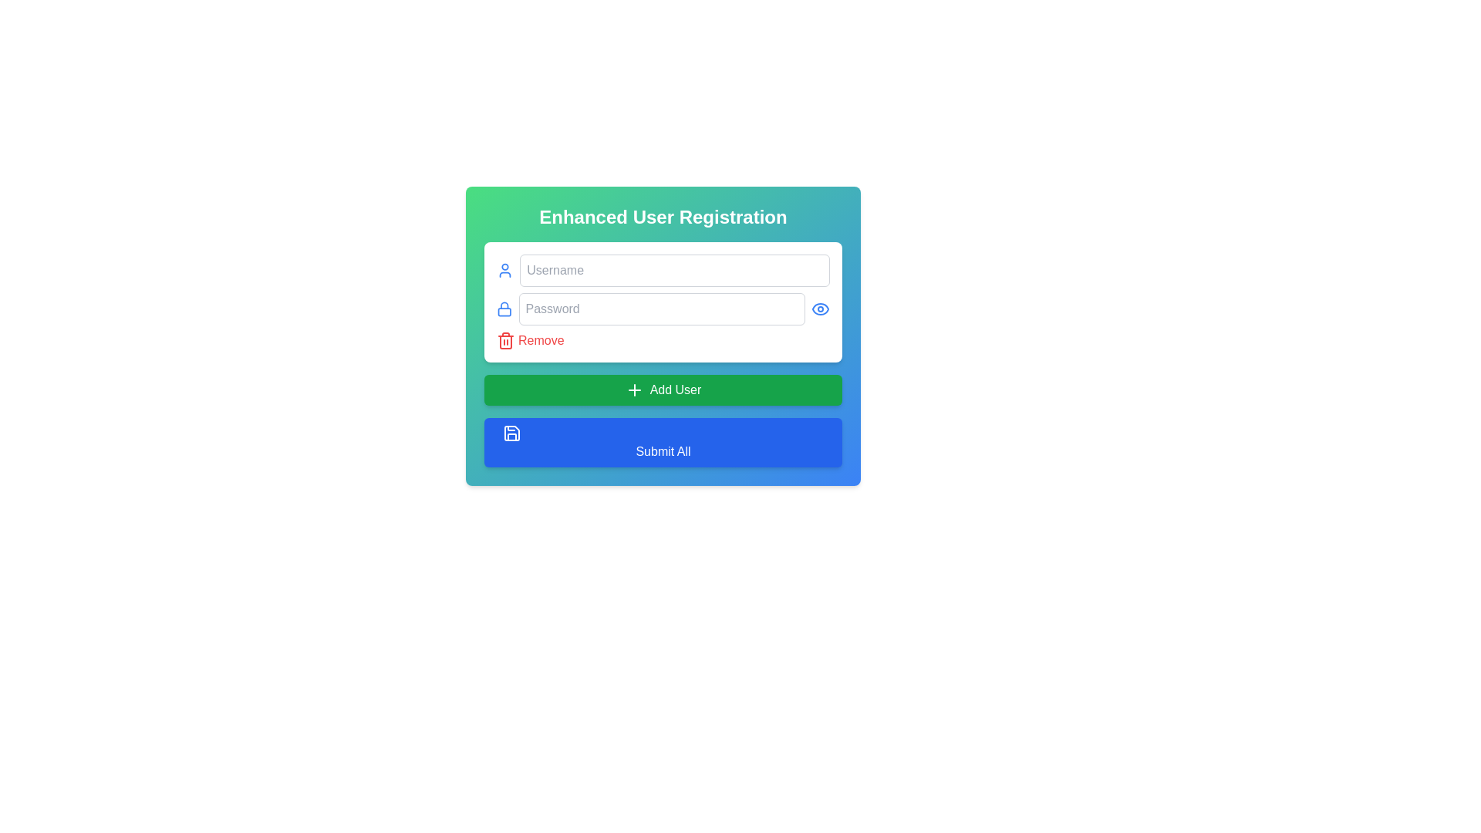 This screenshot has width=1481, height=833. I want to click on the delete button located directly below the password field to change its color, so click(530, 340).